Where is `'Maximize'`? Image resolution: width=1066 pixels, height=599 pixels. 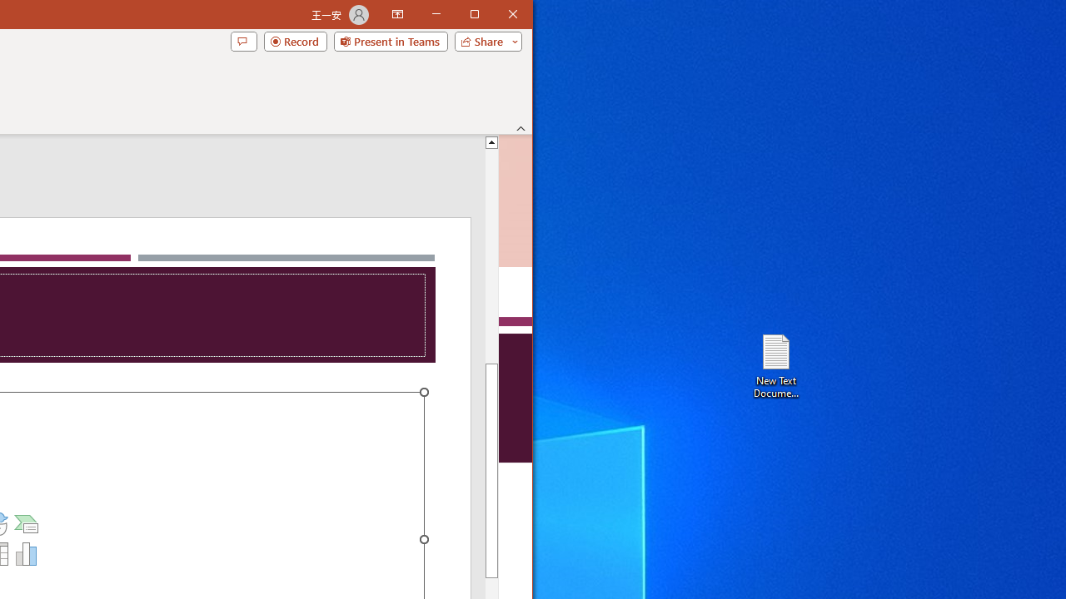
'Maximize' is located at coordinates (498, 16).